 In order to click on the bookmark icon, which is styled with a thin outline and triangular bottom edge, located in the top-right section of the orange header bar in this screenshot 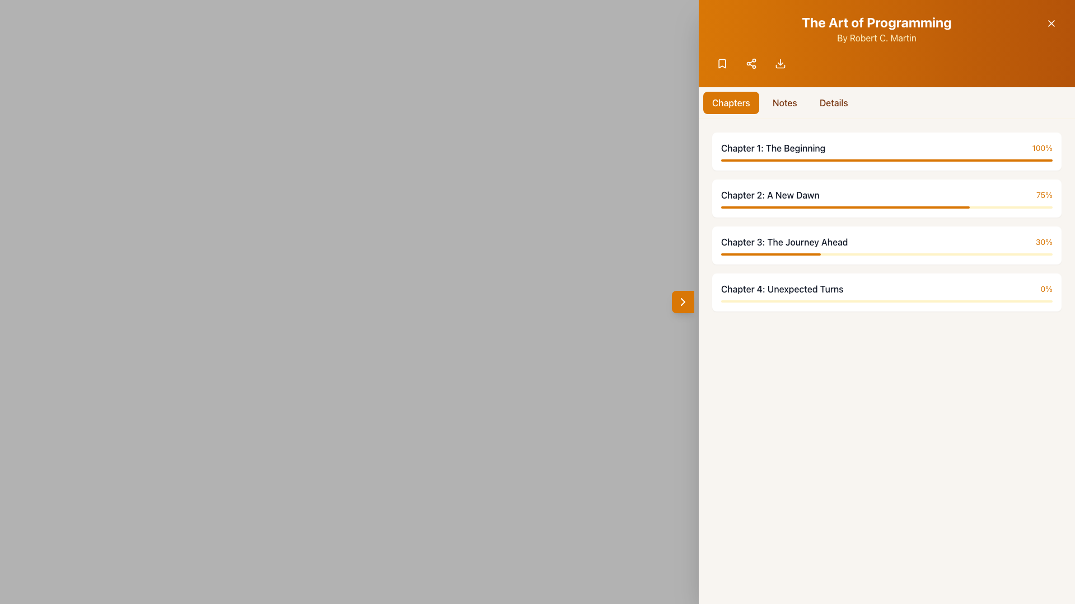, I will do `click(722, 64)`.